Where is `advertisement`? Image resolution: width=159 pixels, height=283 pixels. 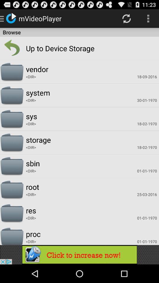
advertisement is located at coordinates (79, 254).